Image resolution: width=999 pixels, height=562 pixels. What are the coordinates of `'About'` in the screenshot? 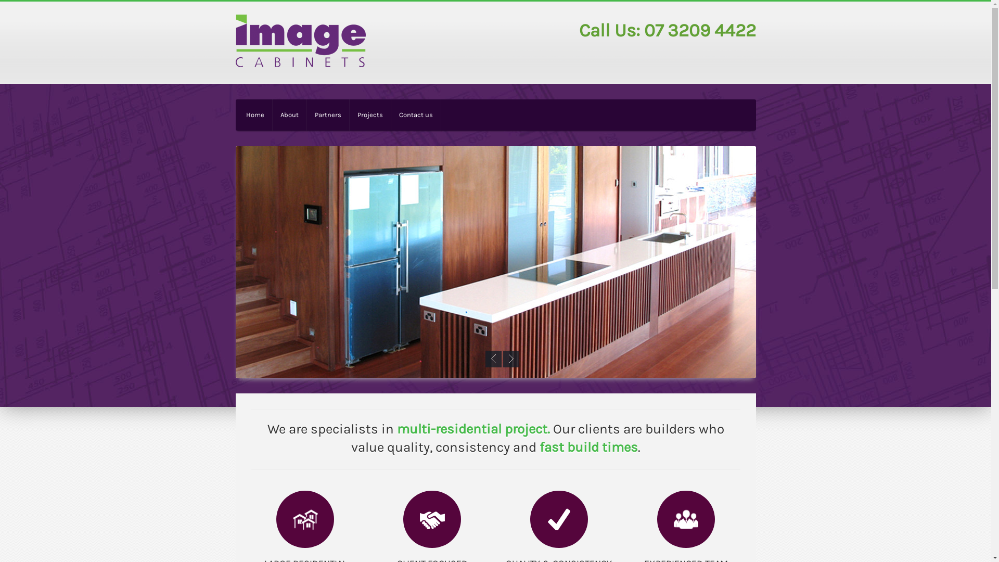 It's located at (272, 114).